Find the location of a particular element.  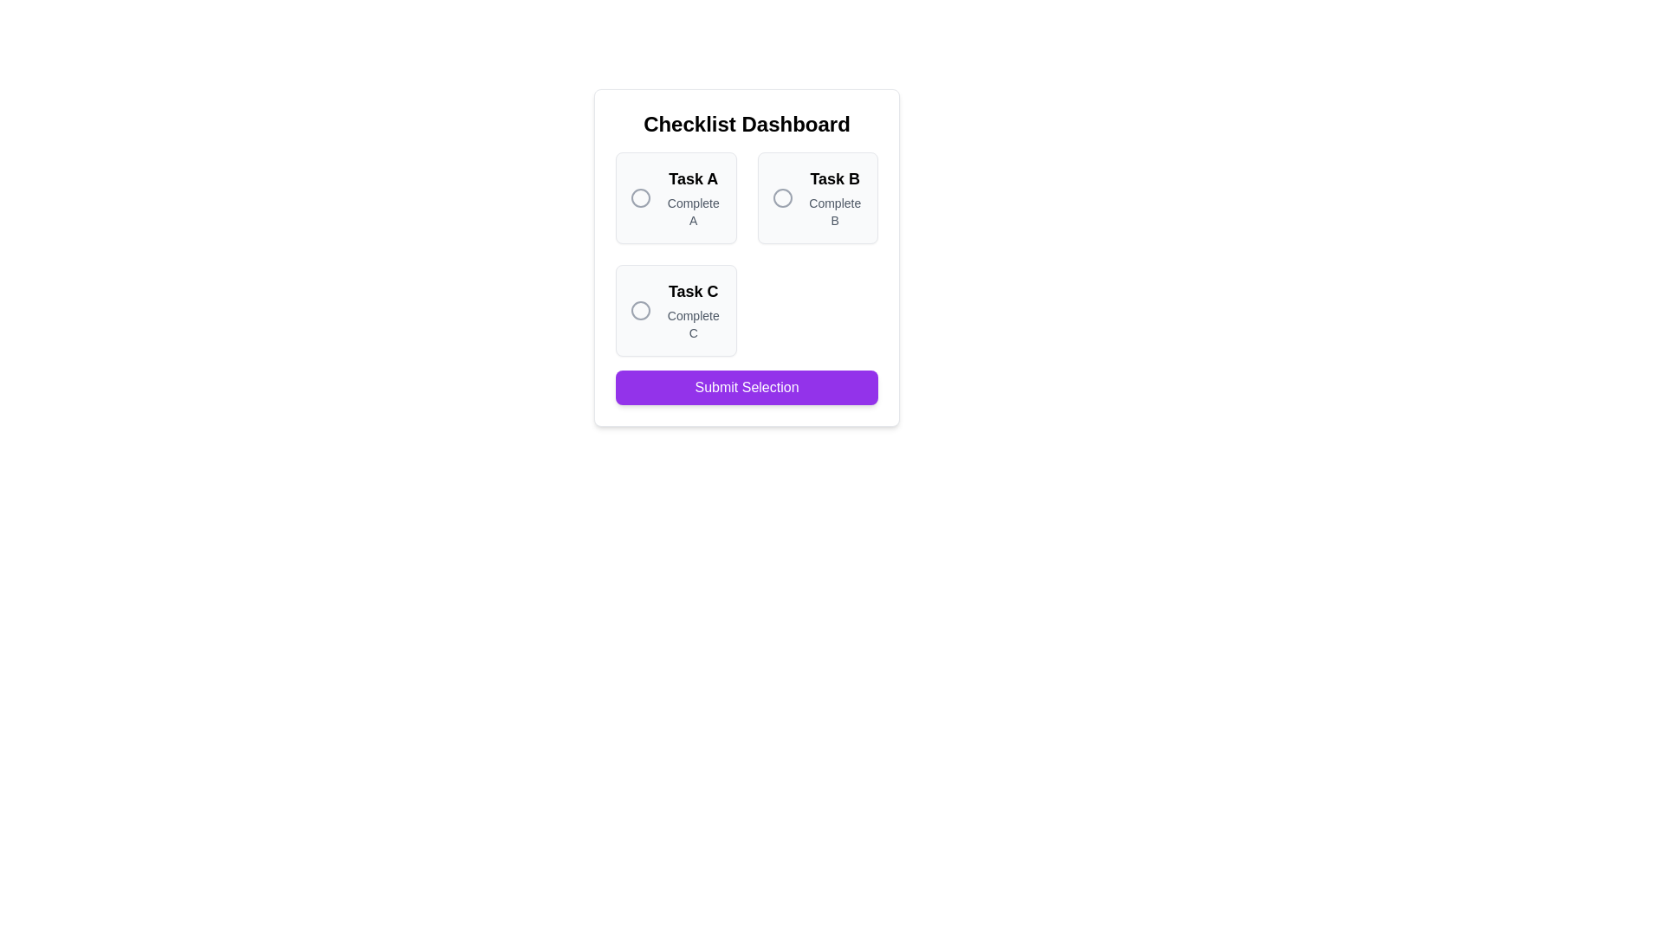

the first interactive card with a selection radio button located at the top-left of the grid layout for accessibility actions is located at coordinates (675, 197).